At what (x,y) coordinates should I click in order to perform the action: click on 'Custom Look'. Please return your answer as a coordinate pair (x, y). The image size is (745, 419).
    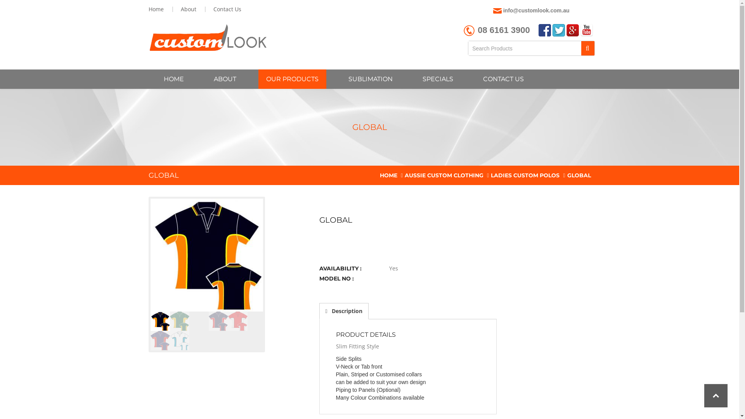
    Looking at the image, I should click on (207, 38).